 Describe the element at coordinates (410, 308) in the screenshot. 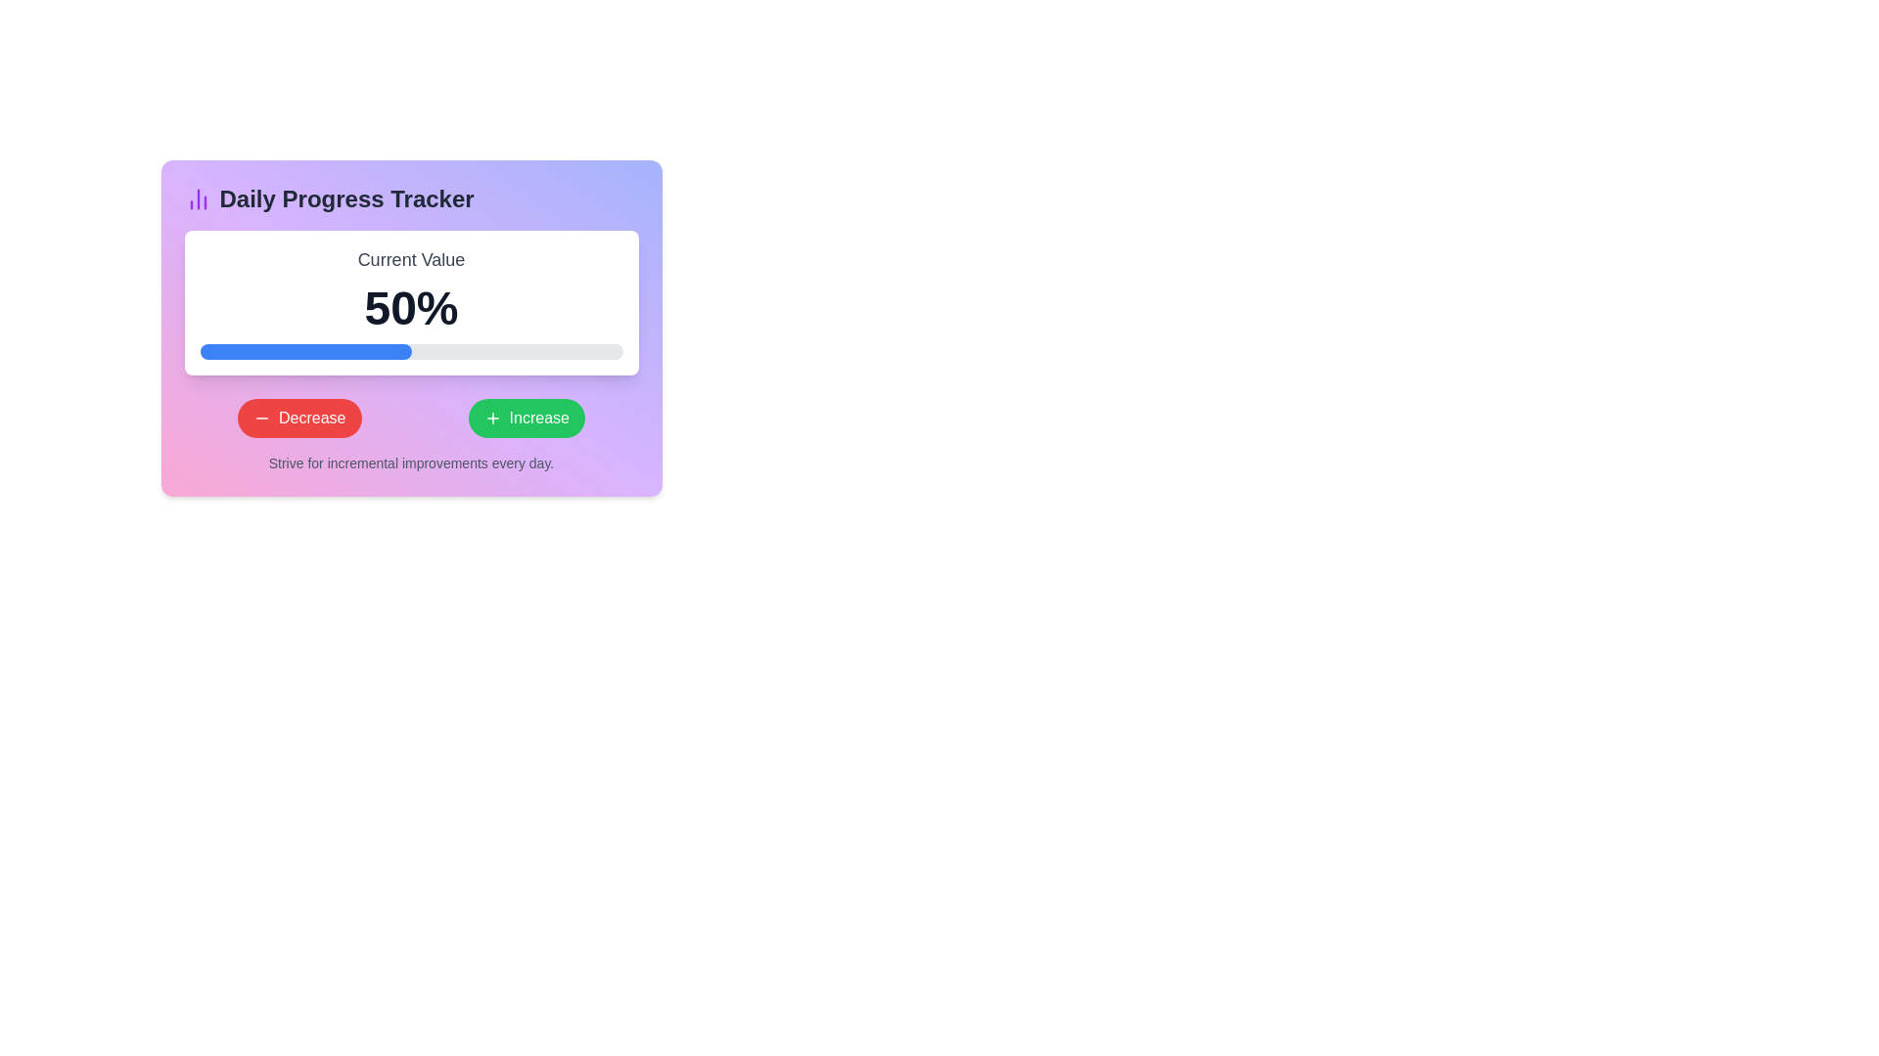

I see `dynamic percentage value displayed in the text label located beneath 'Current Value' and above the progress bar` at that location.